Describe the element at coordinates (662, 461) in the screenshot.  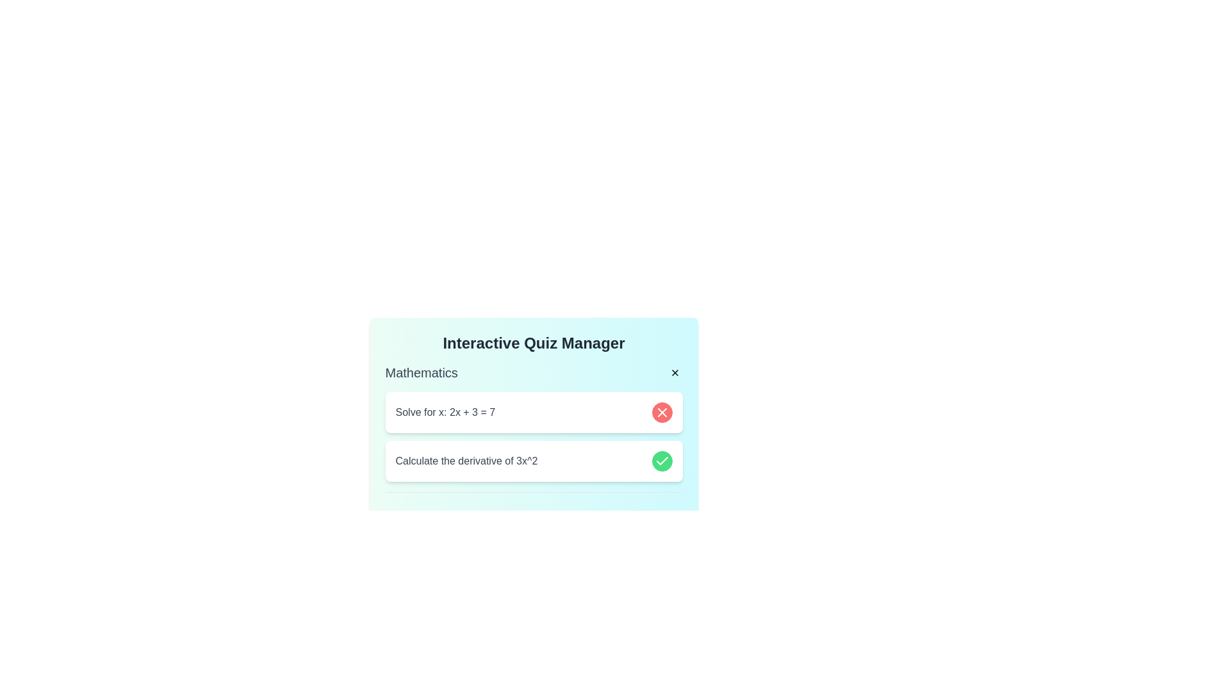
I see `the checkmark icon within the green circular button located on the right-hand side of the secondary row beneath the 'Interactive Quiz Manager' heading to confirm` at that location.